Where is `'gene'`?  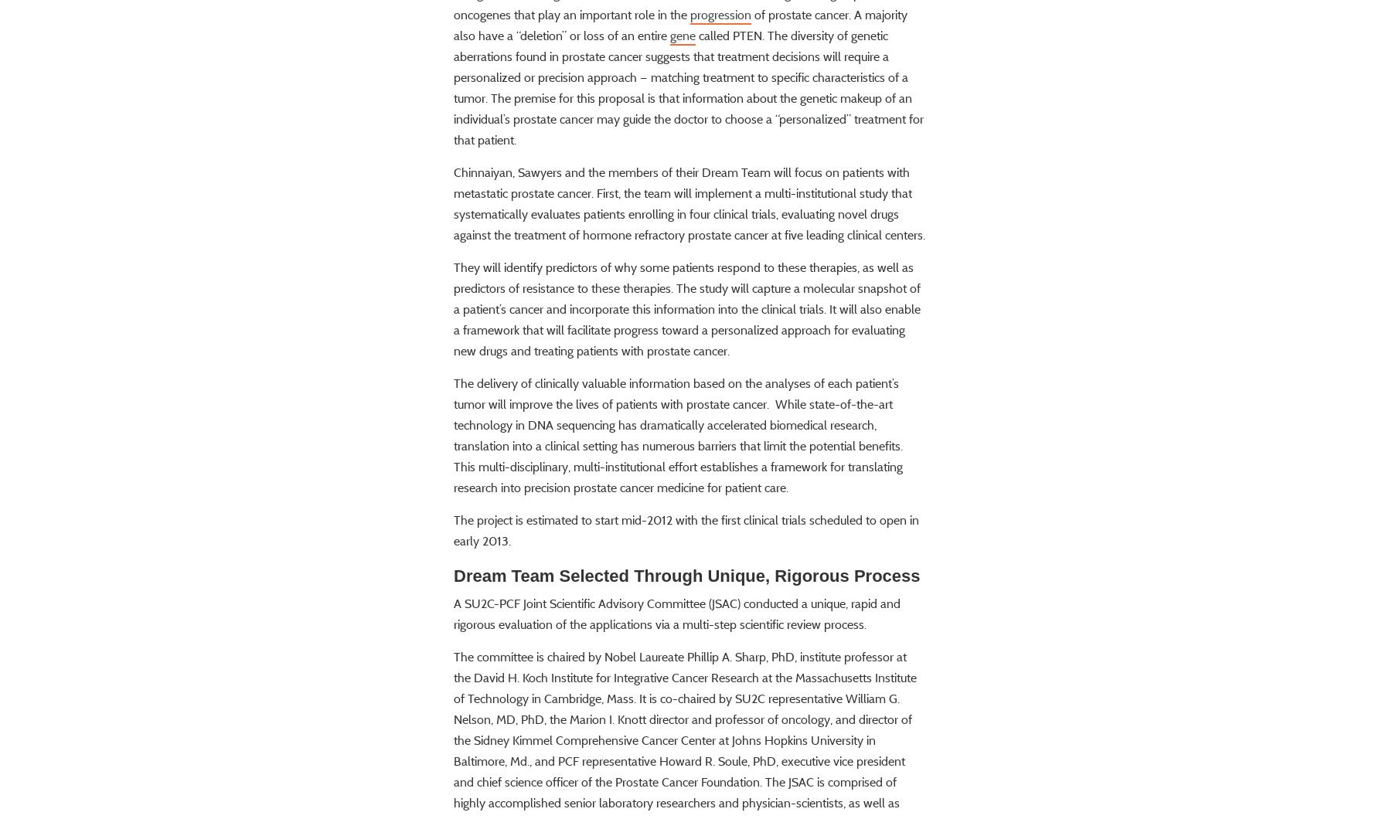
'gene' is located at coordinates (669, 80).